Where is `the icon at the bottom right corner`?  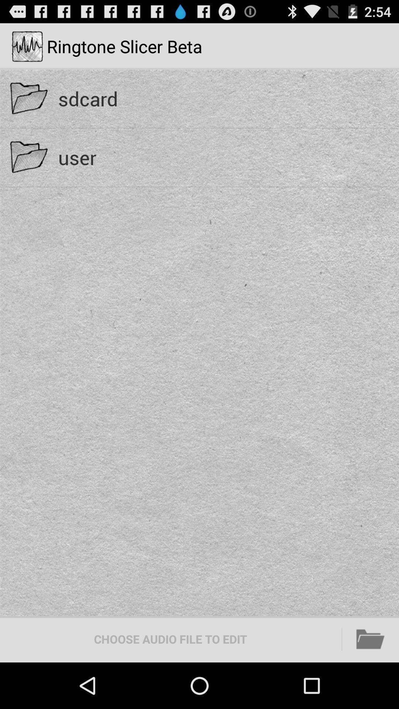
the icon at the bottom right corner is located at coordinates (371, 639).